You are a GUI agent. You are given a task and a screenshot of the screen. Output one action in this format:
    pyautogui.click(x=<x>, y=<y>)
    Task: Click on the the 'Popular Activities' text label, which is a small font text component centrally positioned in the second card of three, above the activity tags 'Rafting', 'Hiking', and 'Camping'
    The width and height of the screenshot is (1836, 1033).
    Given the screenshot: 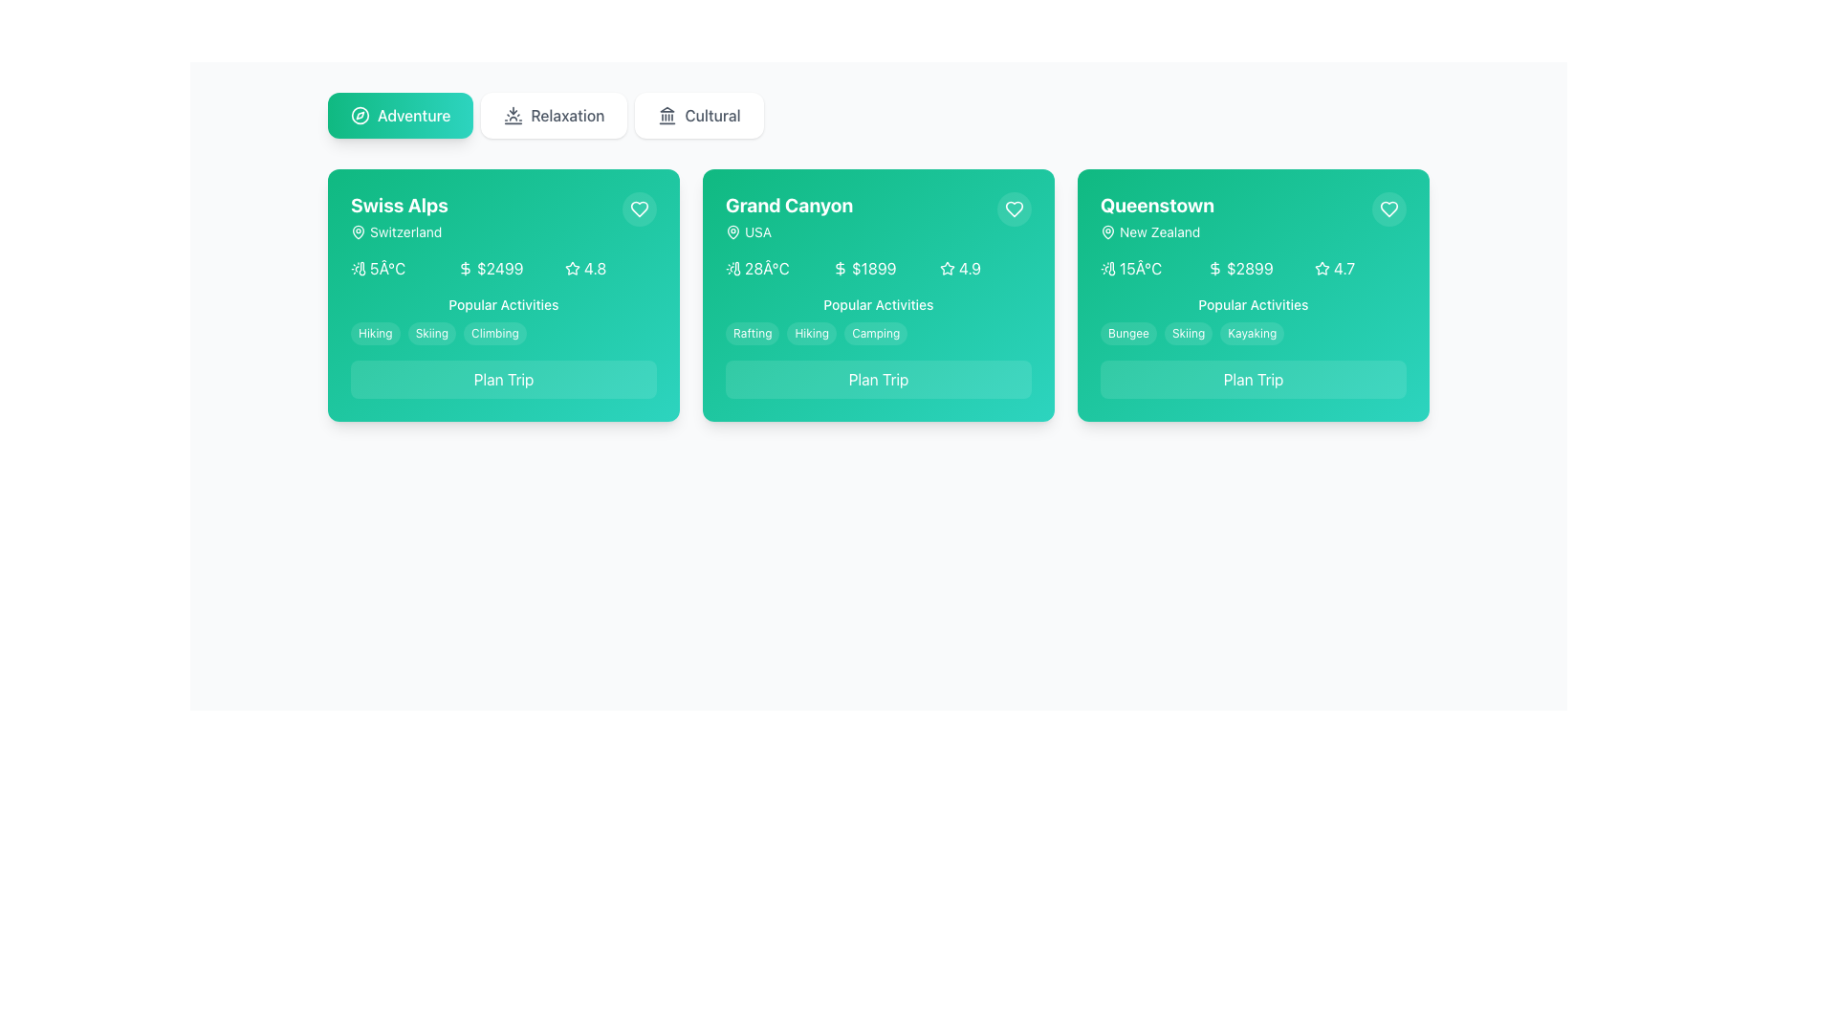 What is the action you would take?
    pyautogui.click(x=877, y=304)
    